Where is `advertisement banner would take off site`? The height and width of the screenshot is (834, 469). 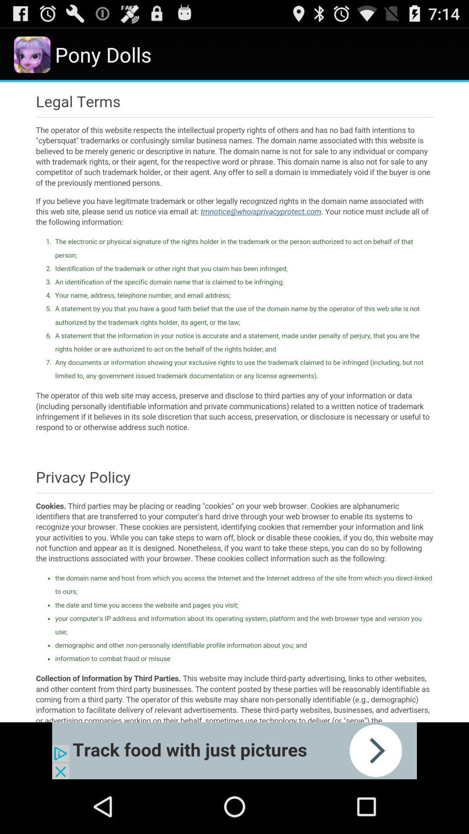 advertisement banner would take off site is located at coordinates (234, 750).